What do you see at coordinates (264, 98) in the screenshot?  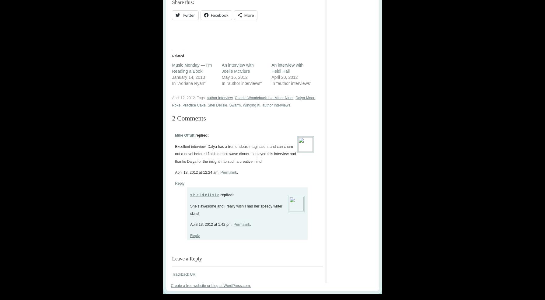 I see `'Charlie Woodchuck is a Minor Niner'` at bounding box center [264, 98].